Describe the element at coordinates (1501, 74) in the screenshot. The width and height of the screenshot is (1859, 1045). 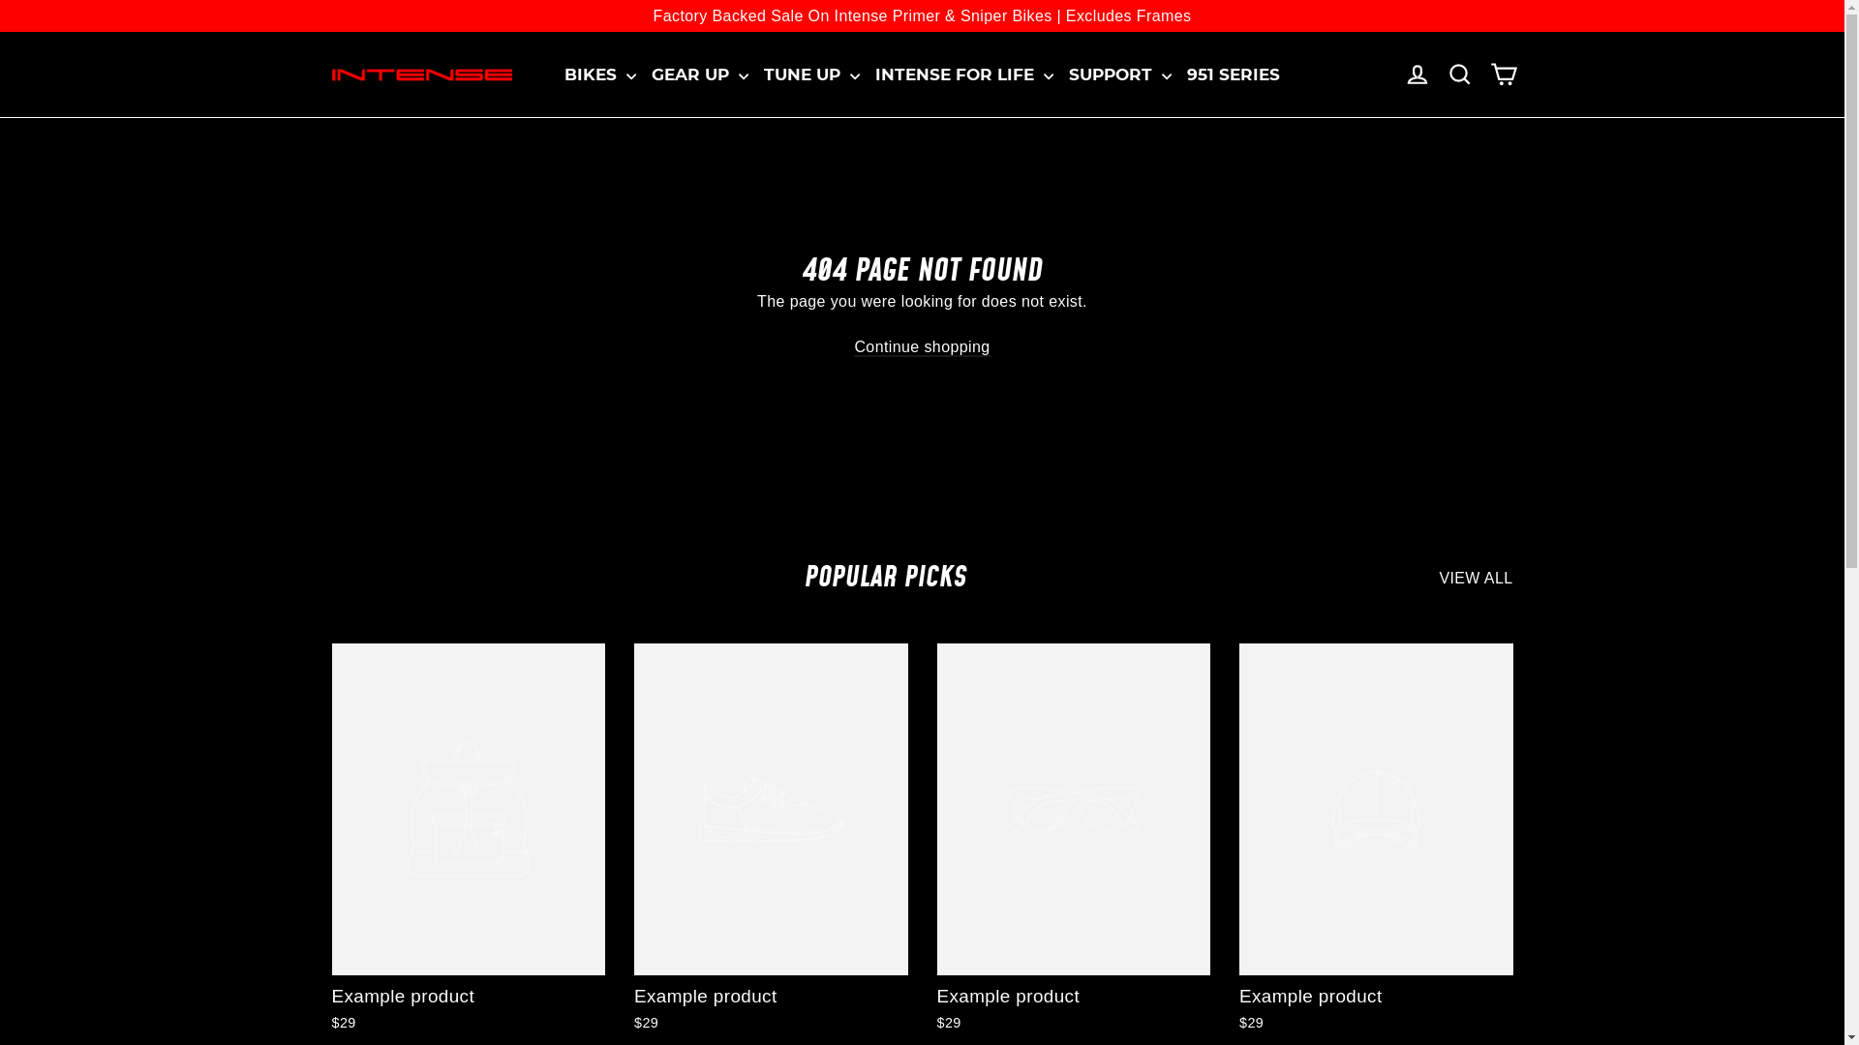
I see `'CART'` at that location.